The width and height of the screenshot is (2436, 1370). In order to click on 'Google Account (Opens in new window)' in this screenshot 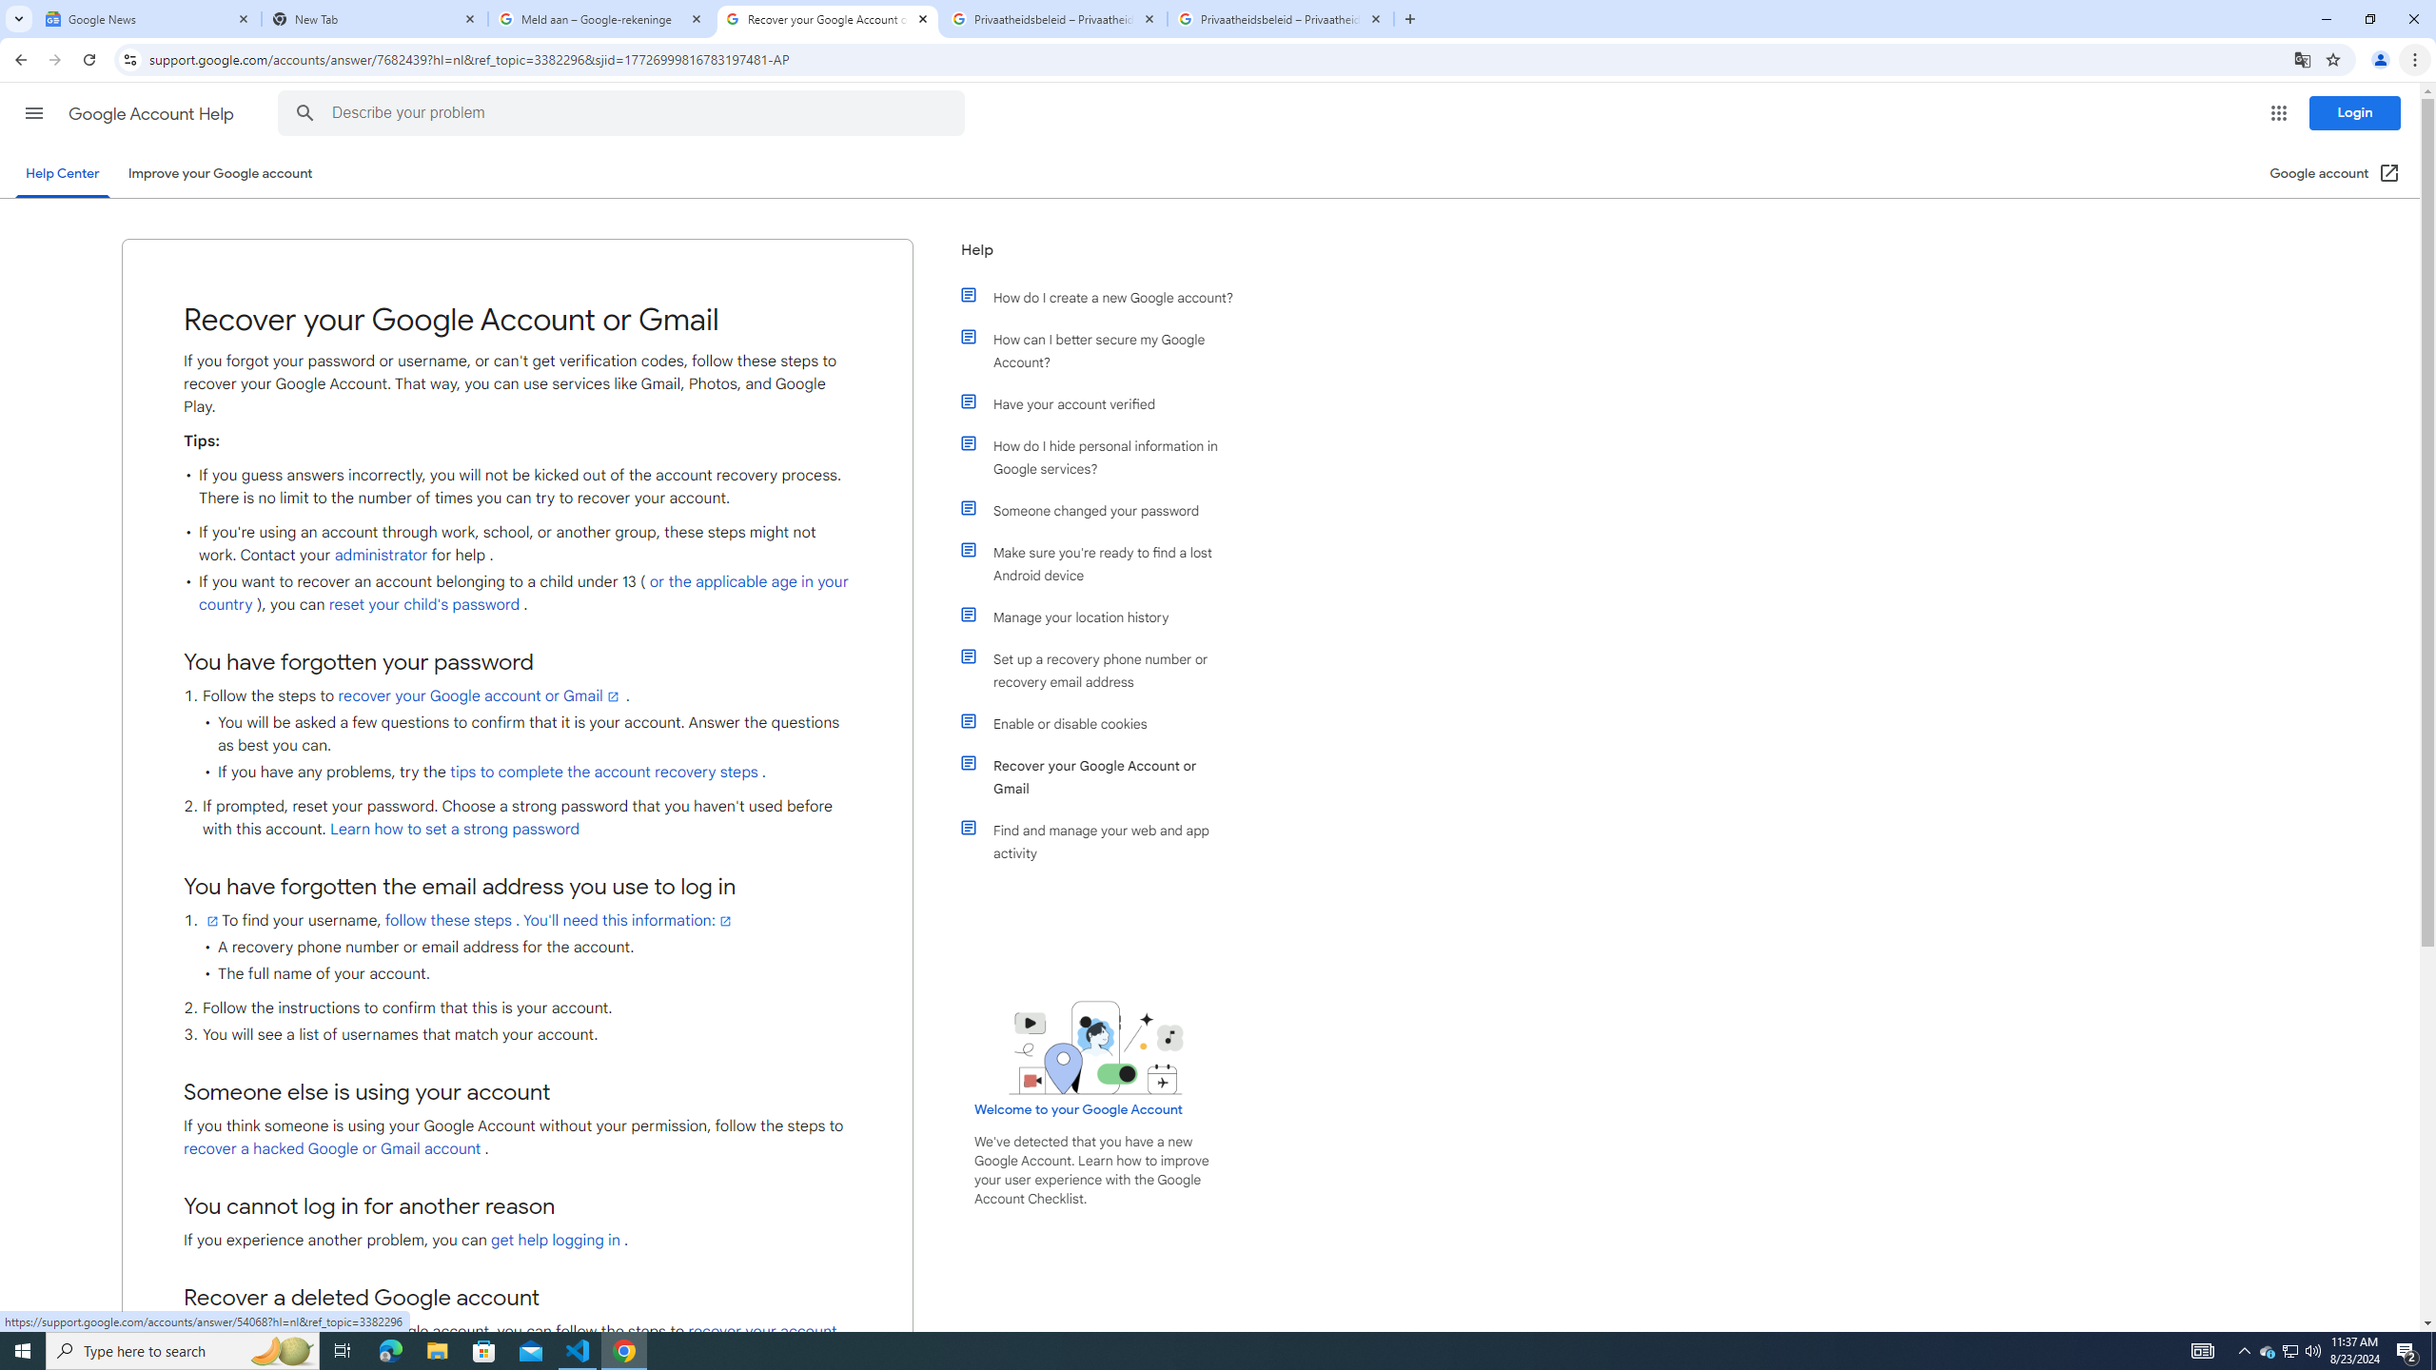, I will do `click(2335, 172)`.